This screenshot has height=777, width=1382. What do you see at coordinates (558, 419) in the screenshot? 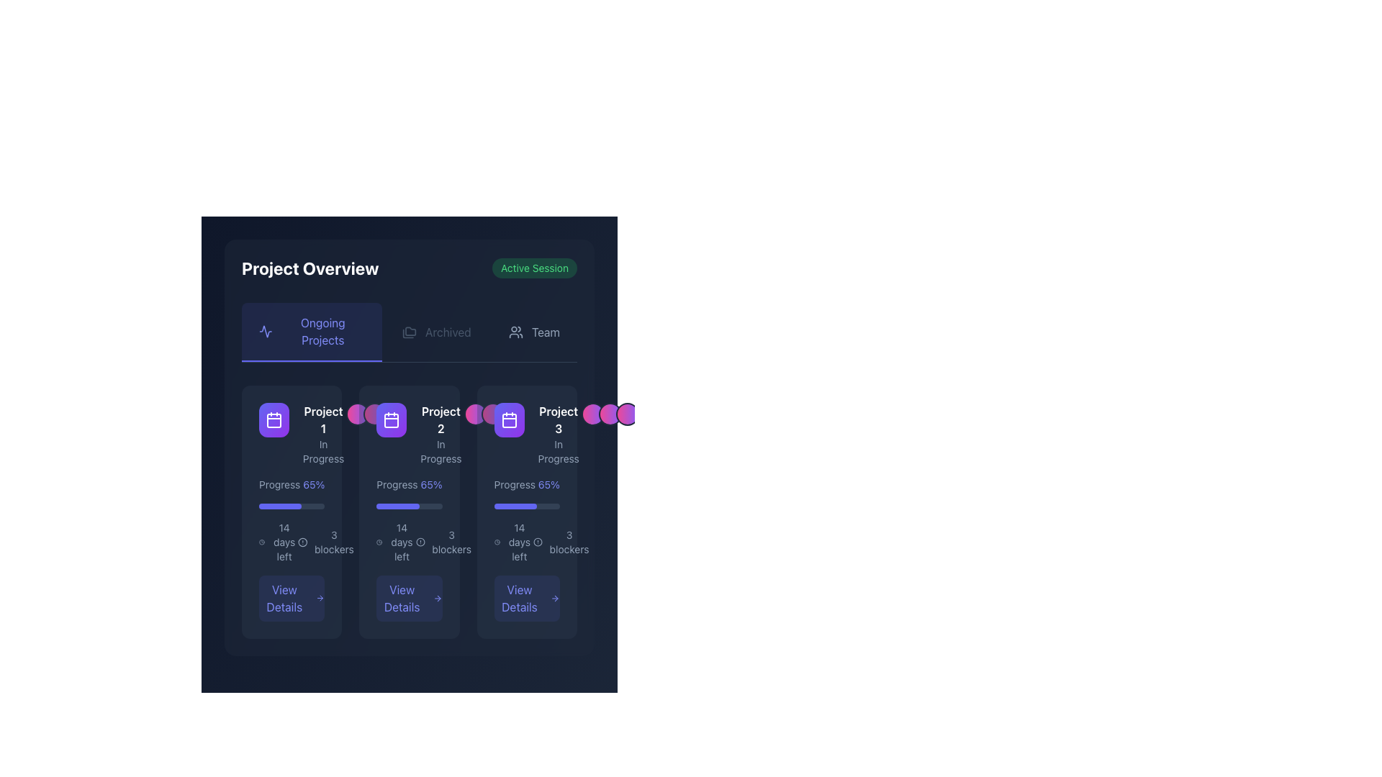
I see `text content of the Text Label displaying 'Project 3' in bold white font on a dark background, located at the top-right of the 'Project 3 In Progress' card` at bounding box center [558, 419].